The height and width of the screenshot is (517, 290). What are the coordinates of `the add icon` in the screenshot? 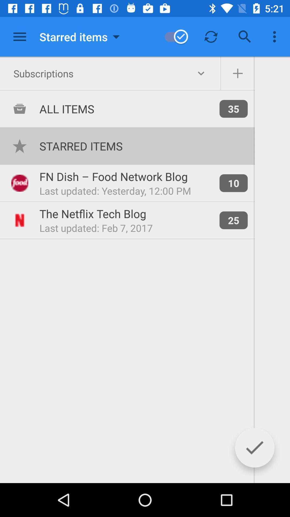 It's located at (237, 73).